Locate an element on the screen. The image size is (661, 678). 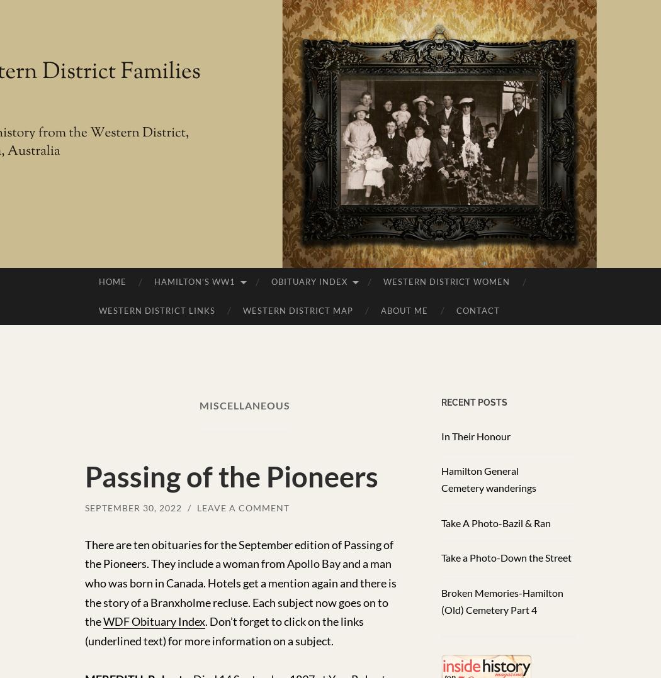
'Leave a comment' is located at coordinates (243, 507).